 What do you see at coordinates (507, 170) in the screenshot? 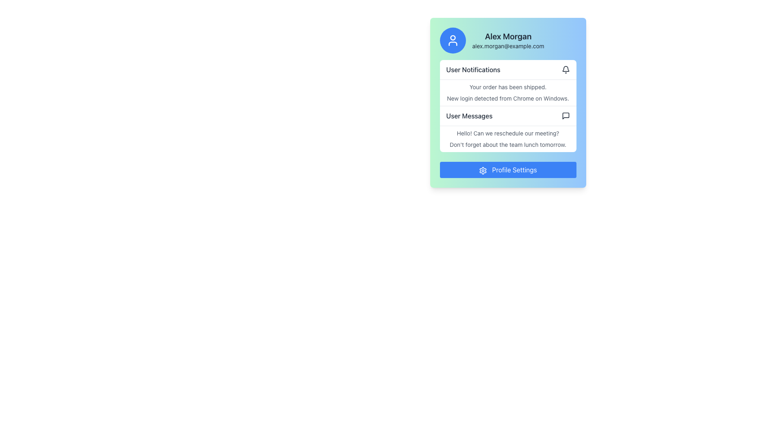
I see `the rectangular button labeled 'Profile Settings' with a blue background and a gear icon` at bounding box center [507, 170].